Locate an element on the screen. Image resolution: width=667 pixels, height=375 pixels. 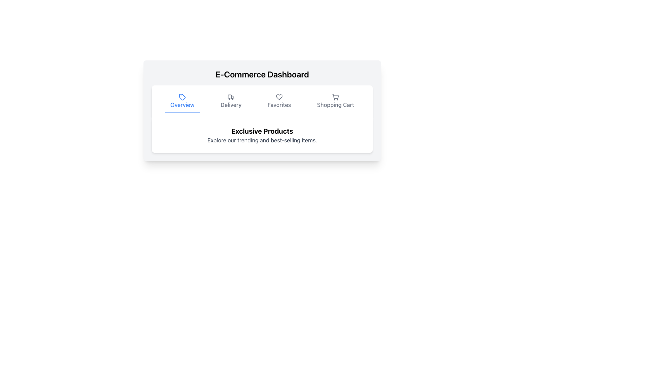
the delivery icon button located in the navigation area, adjacent to the 'Overview' and 'Favorites' icons is located at coordinates (230, 97).